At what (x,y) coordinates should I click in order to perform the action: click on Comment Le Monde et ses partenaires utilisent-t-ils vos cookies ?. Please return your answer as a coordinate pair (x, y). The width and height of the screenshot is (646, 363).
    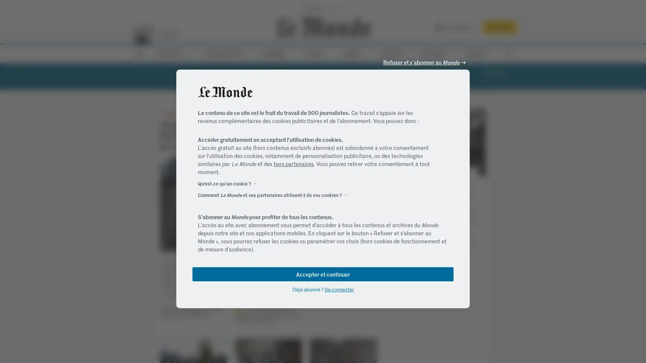
    Looking at the image, I should click on (270, 194).